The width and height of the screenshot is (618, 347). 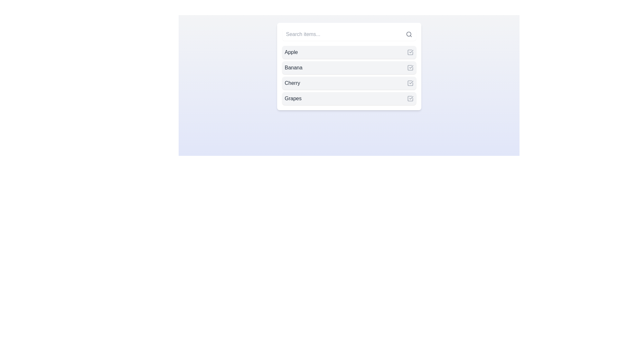 What do you see at coordinates (293, 68) in the screenshot?
I see `the text label displaying 'Banana' in dark gray font, which is positioned second in the vertical list of items` at bounding box center [293, 68].